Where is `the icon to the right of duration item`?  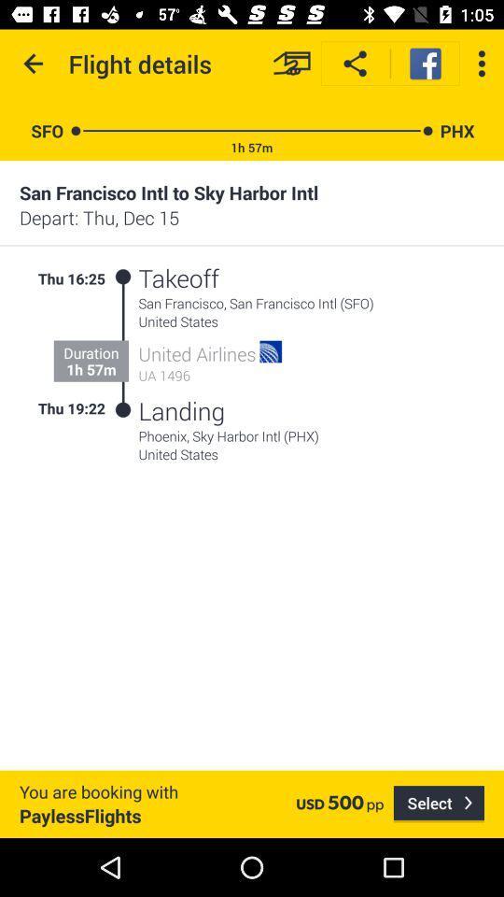
the icon to the right of duration item is located at coordinates (123, 343).